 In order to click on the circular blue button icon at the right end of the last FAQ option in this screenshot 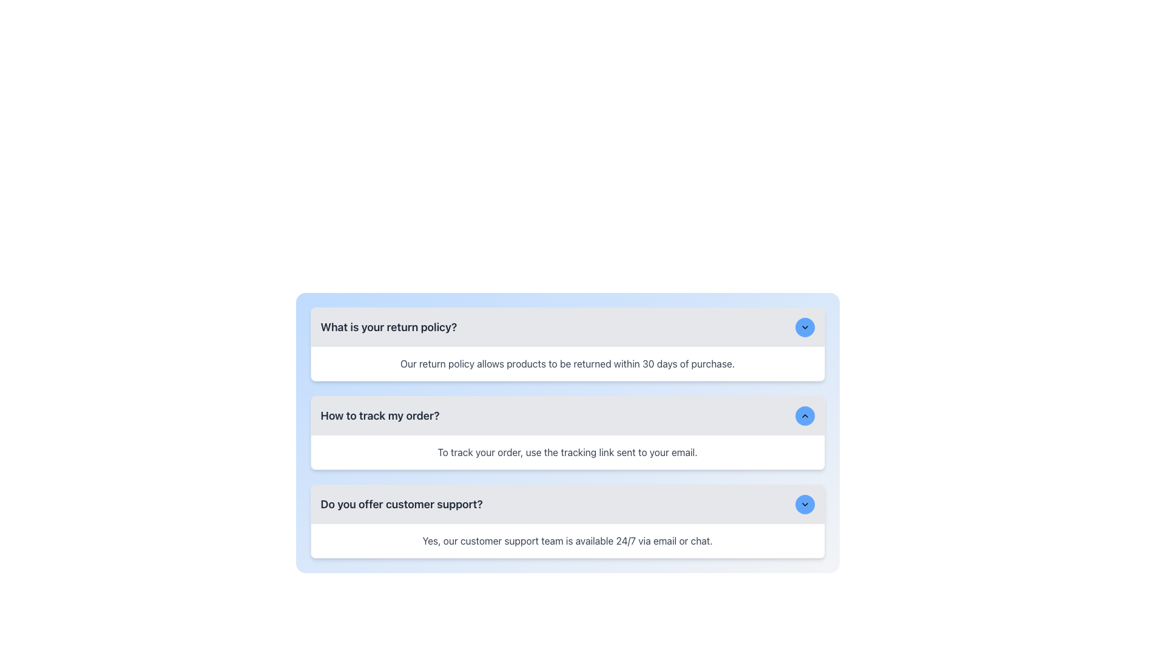, I will do `click(805, 505)`.